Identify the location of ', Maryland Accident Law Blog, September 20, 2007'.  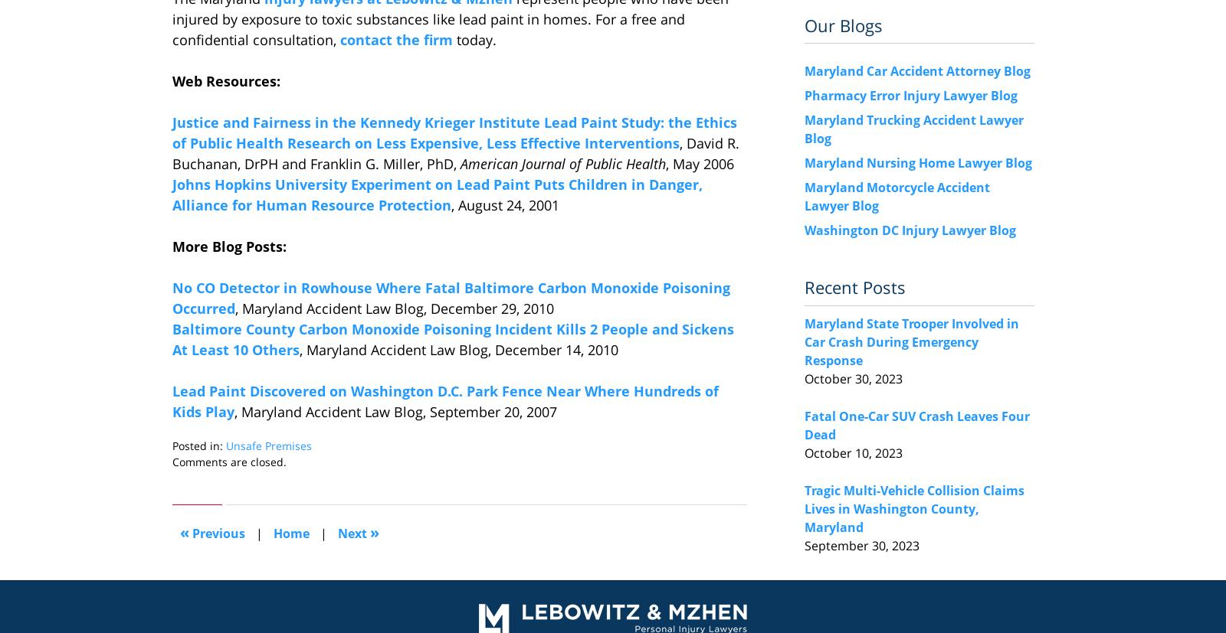
(395, 411).